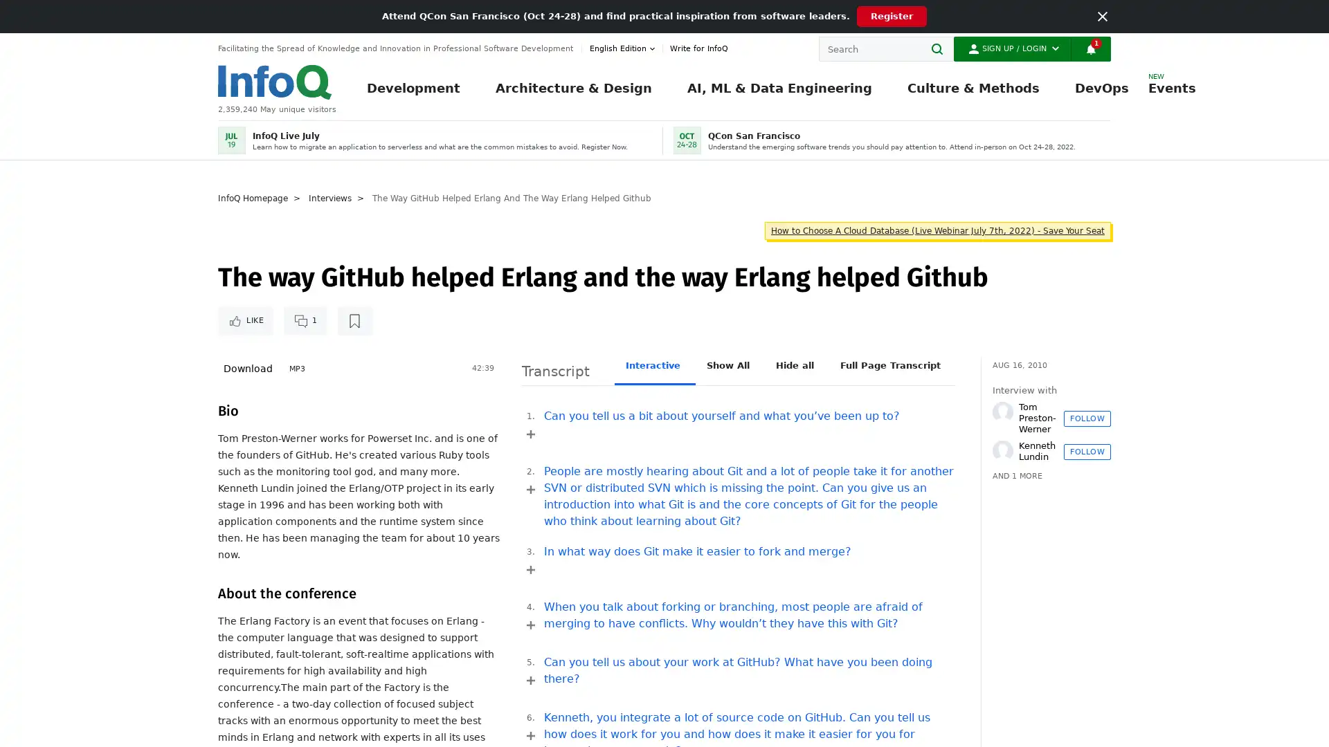 The image size is (1329, 747). I want to click on AND 1 MORE, so click(1017, 476).